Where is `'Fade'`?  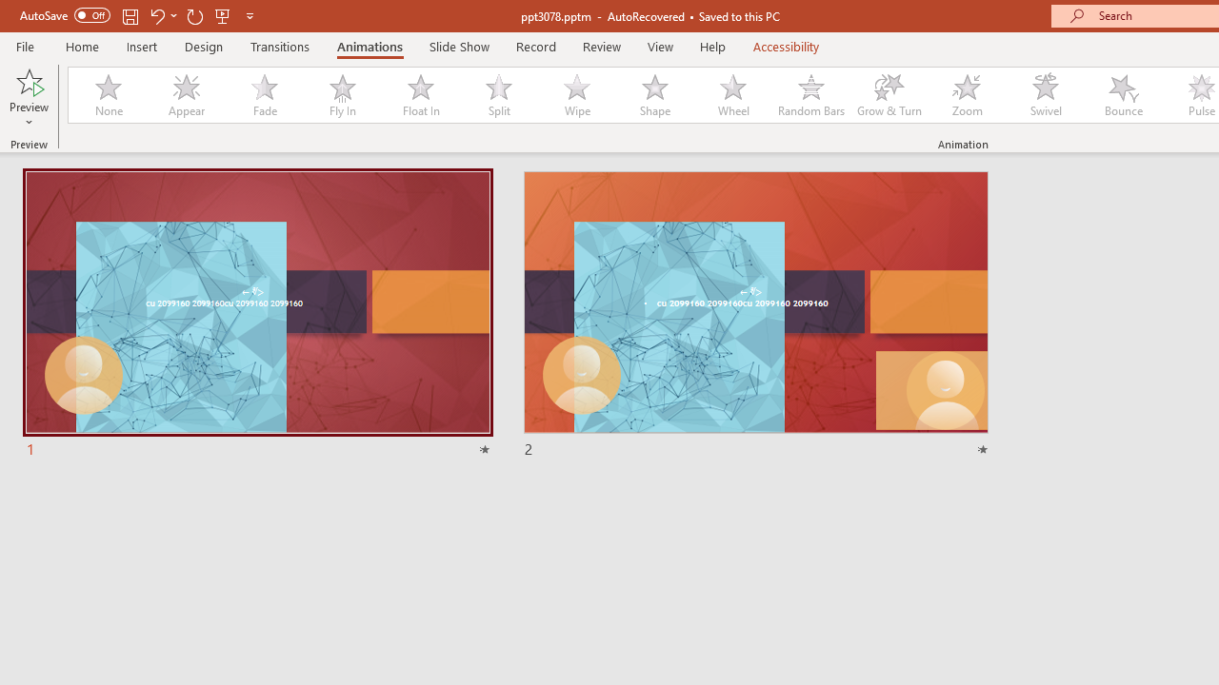 'Fade' is located at coordinates (263, 95).